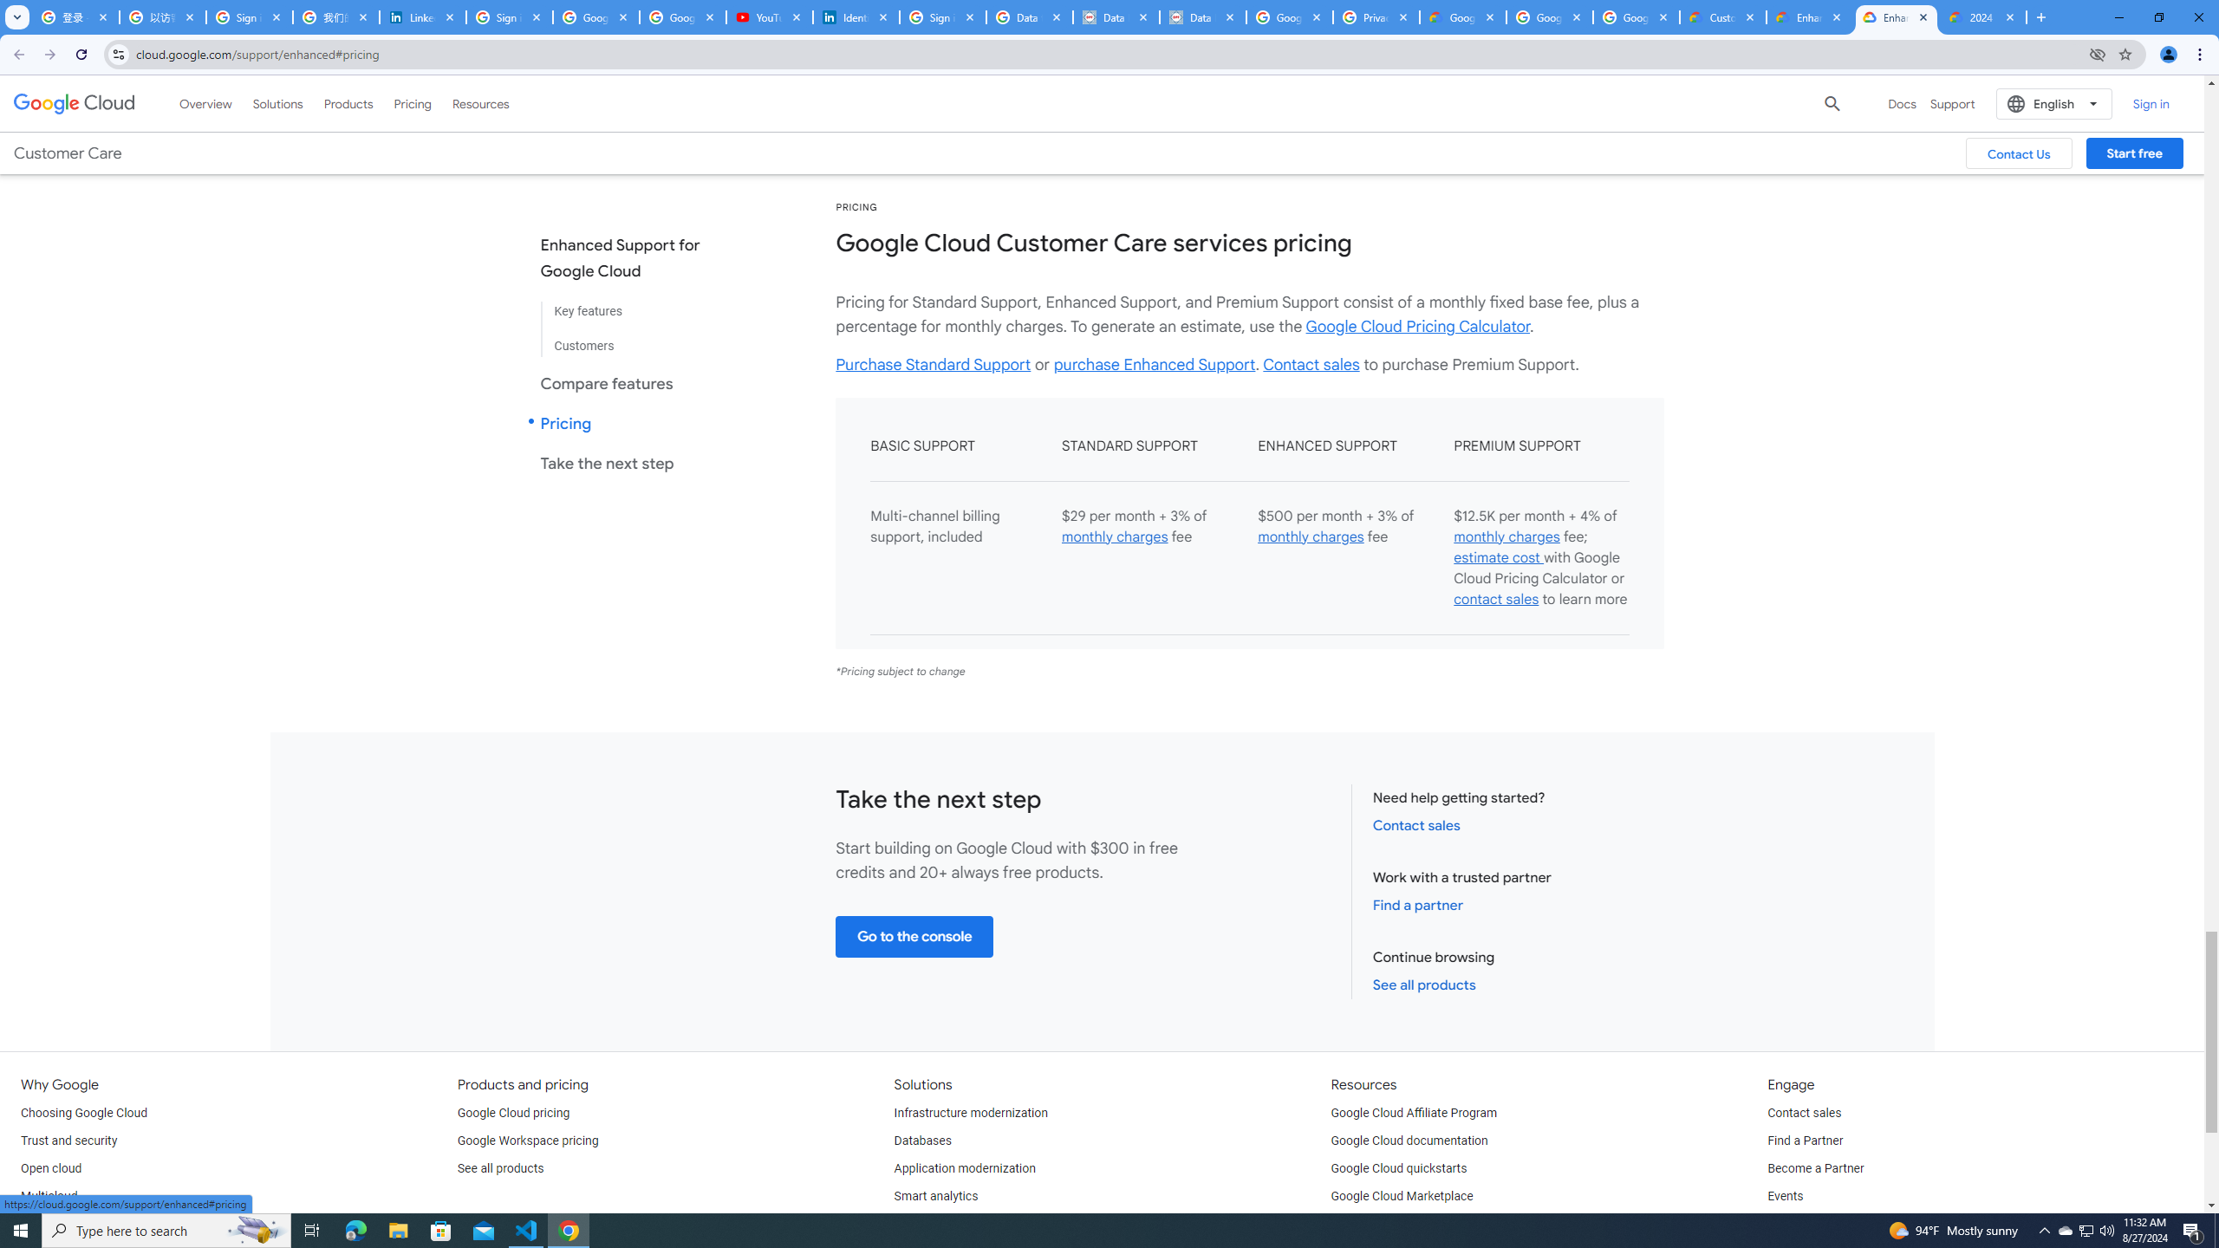  I want to click on 'Google Workspace - Specific Terms', so click(1636, 16).